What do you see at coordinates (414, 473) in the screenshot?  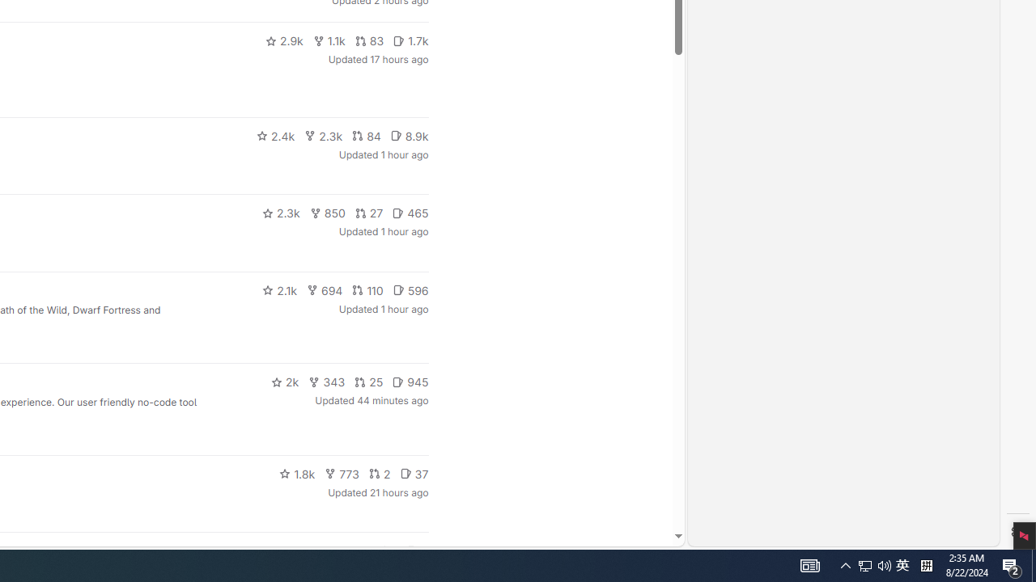 I see `'37'` at bounding box center [414, 473].